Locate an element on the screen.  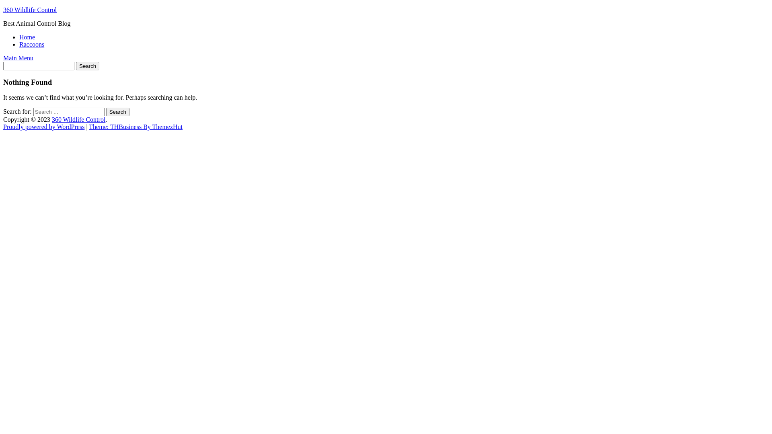
'Theme: THBusiness By ThemezHut' is located at coordinates (136, 127).